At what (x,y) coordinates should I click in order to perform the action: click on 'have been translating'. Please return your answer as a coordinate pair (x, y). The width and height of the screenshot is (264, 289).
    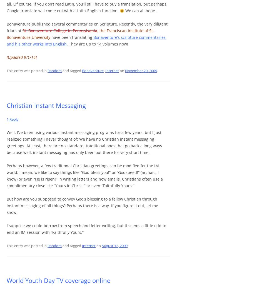
    Looking at the image, I should click on (50, 37).